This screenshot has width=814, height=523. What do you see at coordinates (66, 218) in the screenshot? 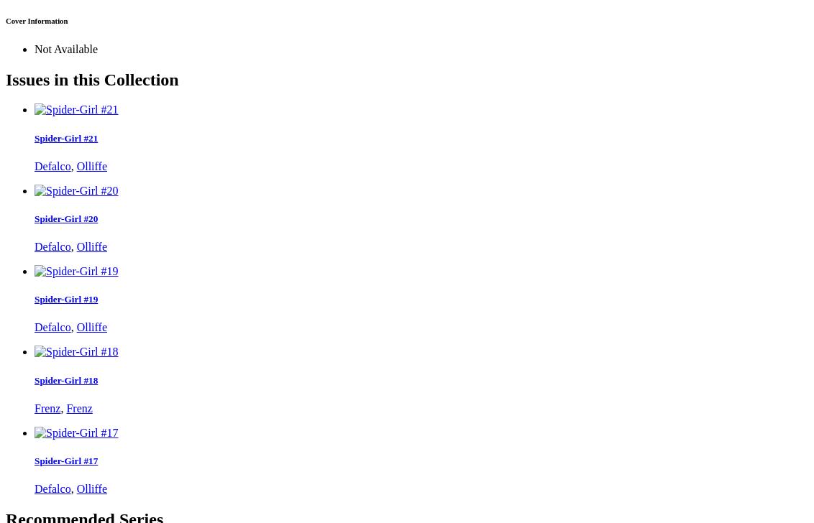
I see `'Spider-Girl #20'` at bounding box center [66, 218].